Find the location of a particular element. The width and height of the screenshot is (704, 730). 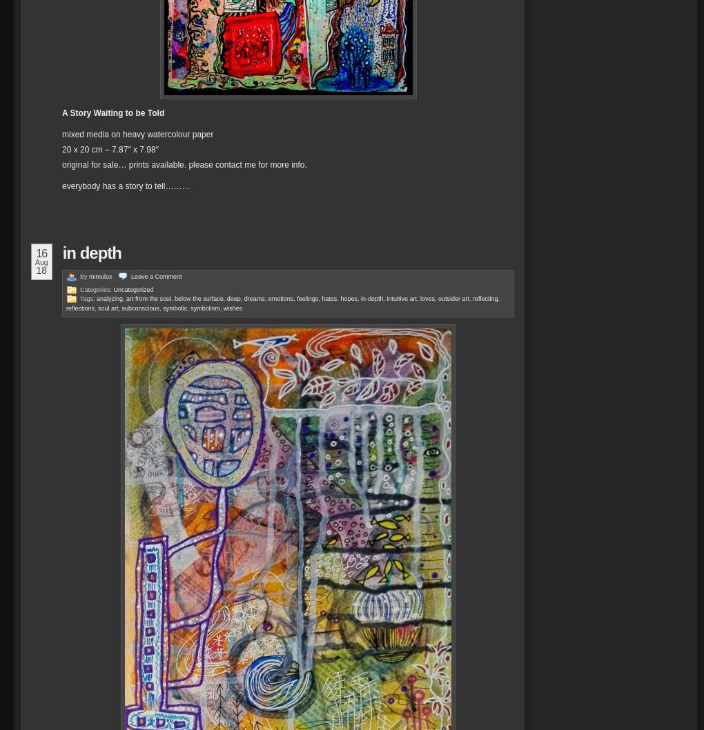

'symbolism' is located at coordinates (190, 307).